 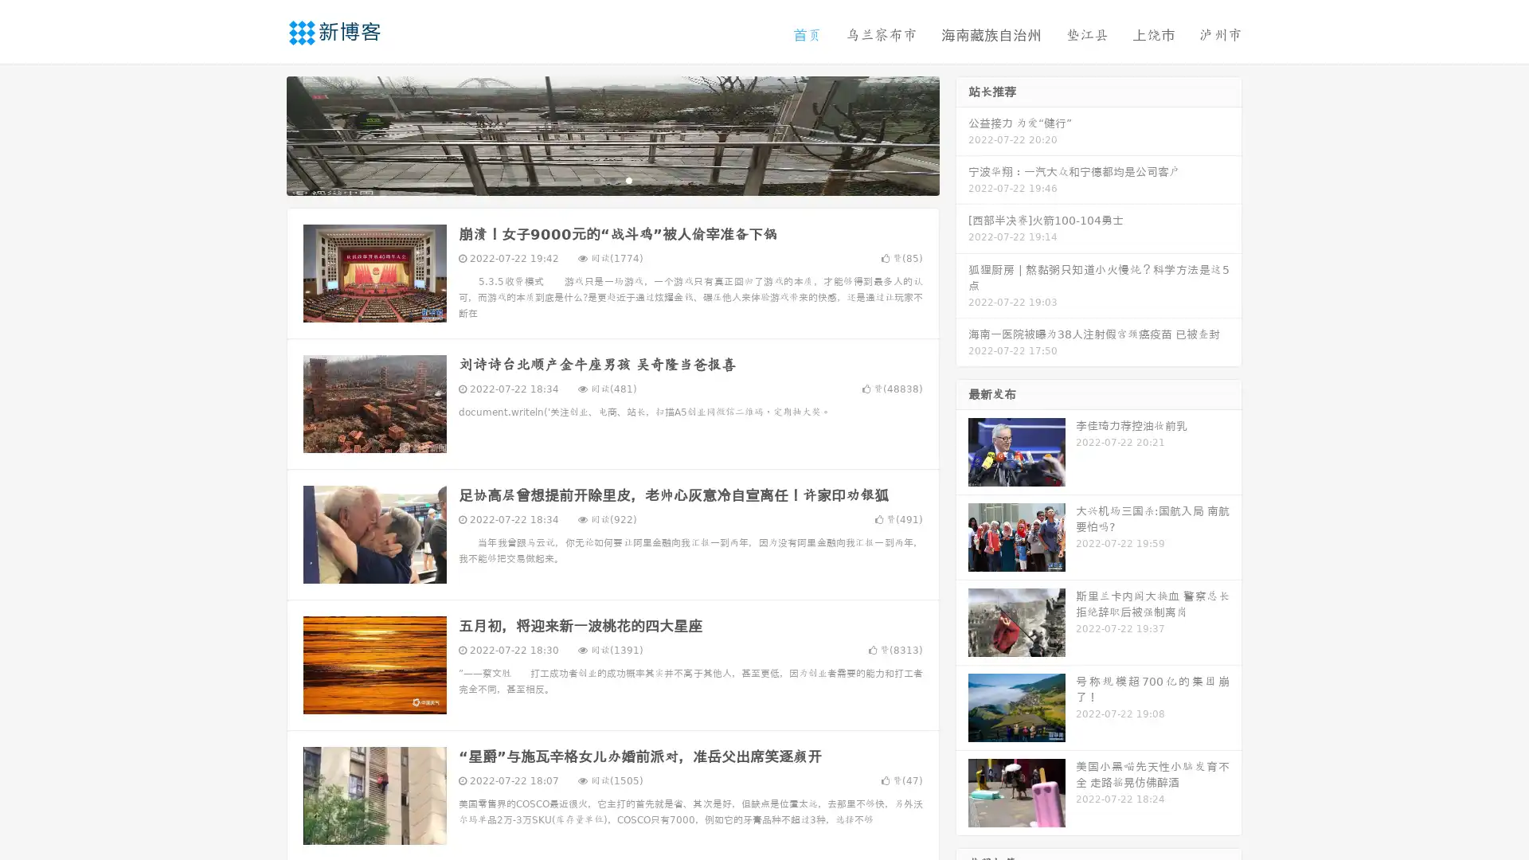 What do you see at coordinates (596, 179) in the screenshot?
I see `Go to slide 1` at bounding box center [596, 179].